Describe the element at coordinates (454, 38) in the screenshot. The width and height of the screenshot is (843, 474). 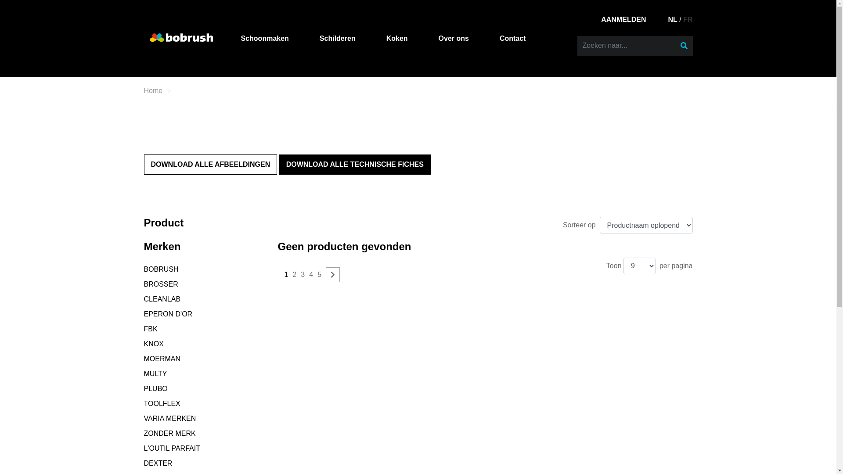
I see `'Over ons'` at that location.